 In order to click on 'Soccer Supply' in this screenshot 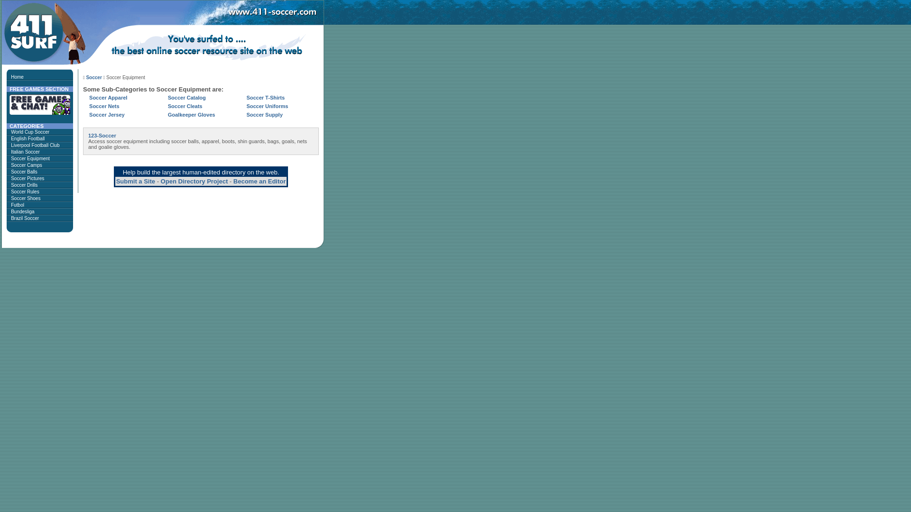, I will do `click(264, 114)`.